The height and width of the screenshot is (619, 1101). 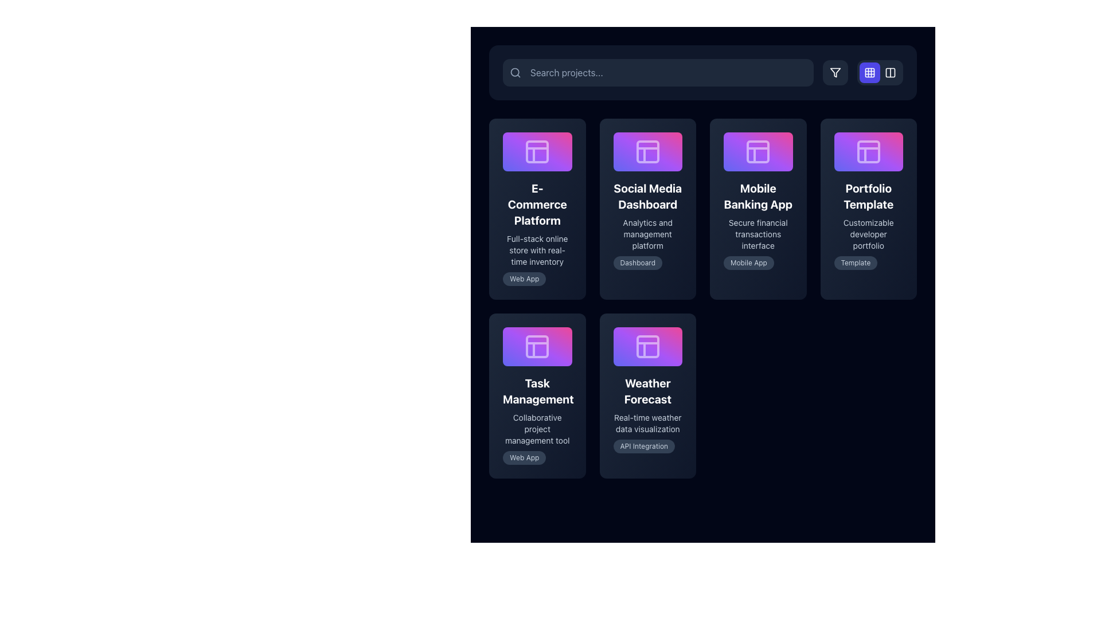 I want to click on the middle square button with a blue background and a white grid icon, so click(x=863, y=73).